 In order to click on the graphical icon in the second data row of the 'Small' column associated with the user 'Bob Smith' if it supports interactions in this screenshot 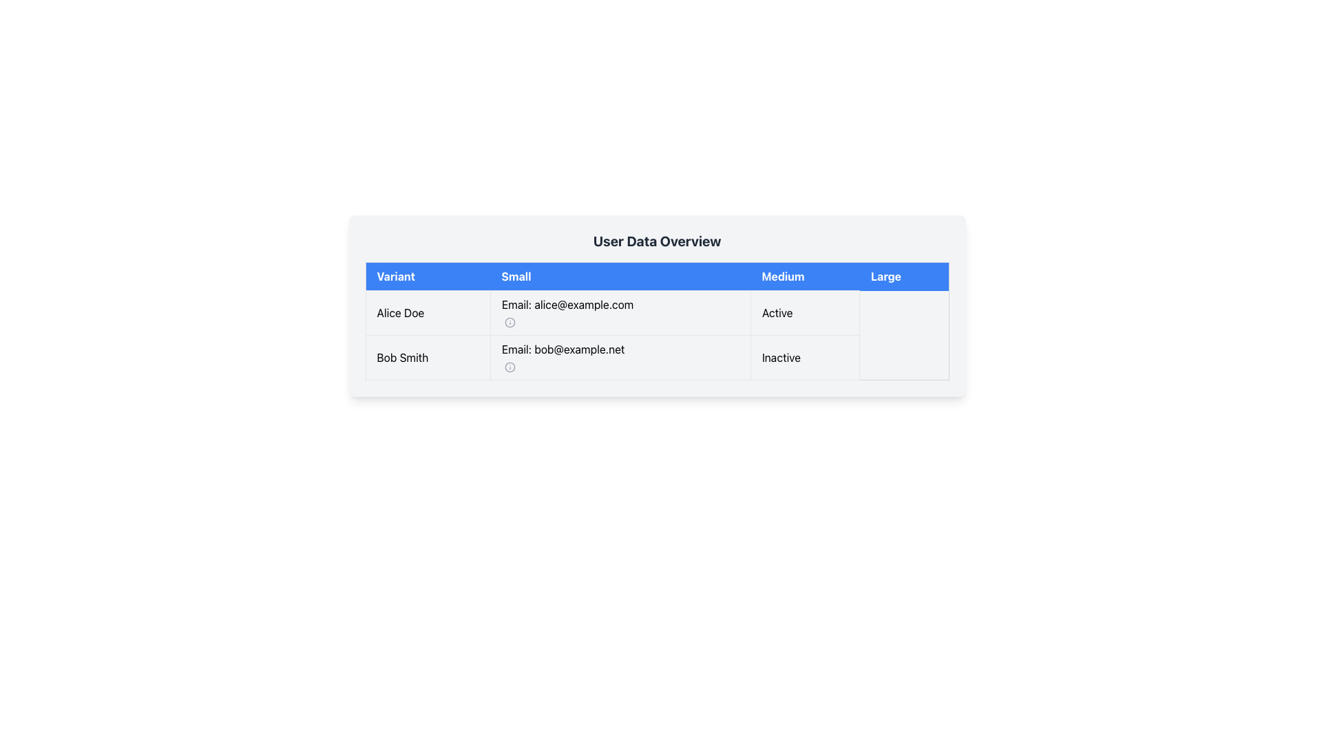, I will do `click(509, 365)`.